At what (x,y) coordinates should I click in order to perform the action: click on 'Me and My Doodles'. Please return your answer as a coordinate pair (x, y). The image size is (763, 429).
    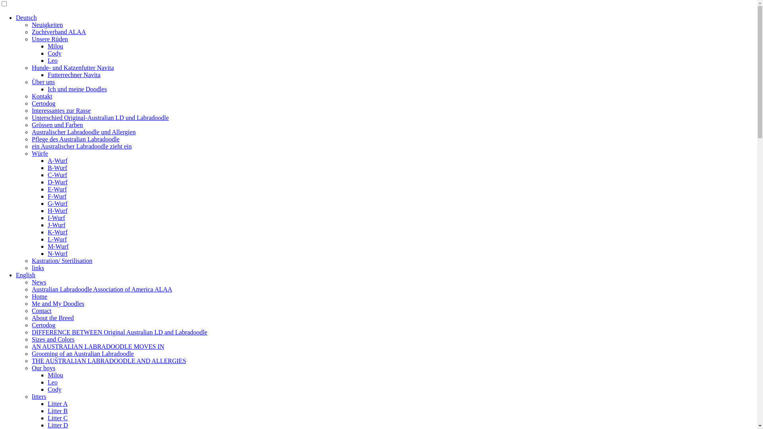
    Looking at the image, I should click on (57, 303).